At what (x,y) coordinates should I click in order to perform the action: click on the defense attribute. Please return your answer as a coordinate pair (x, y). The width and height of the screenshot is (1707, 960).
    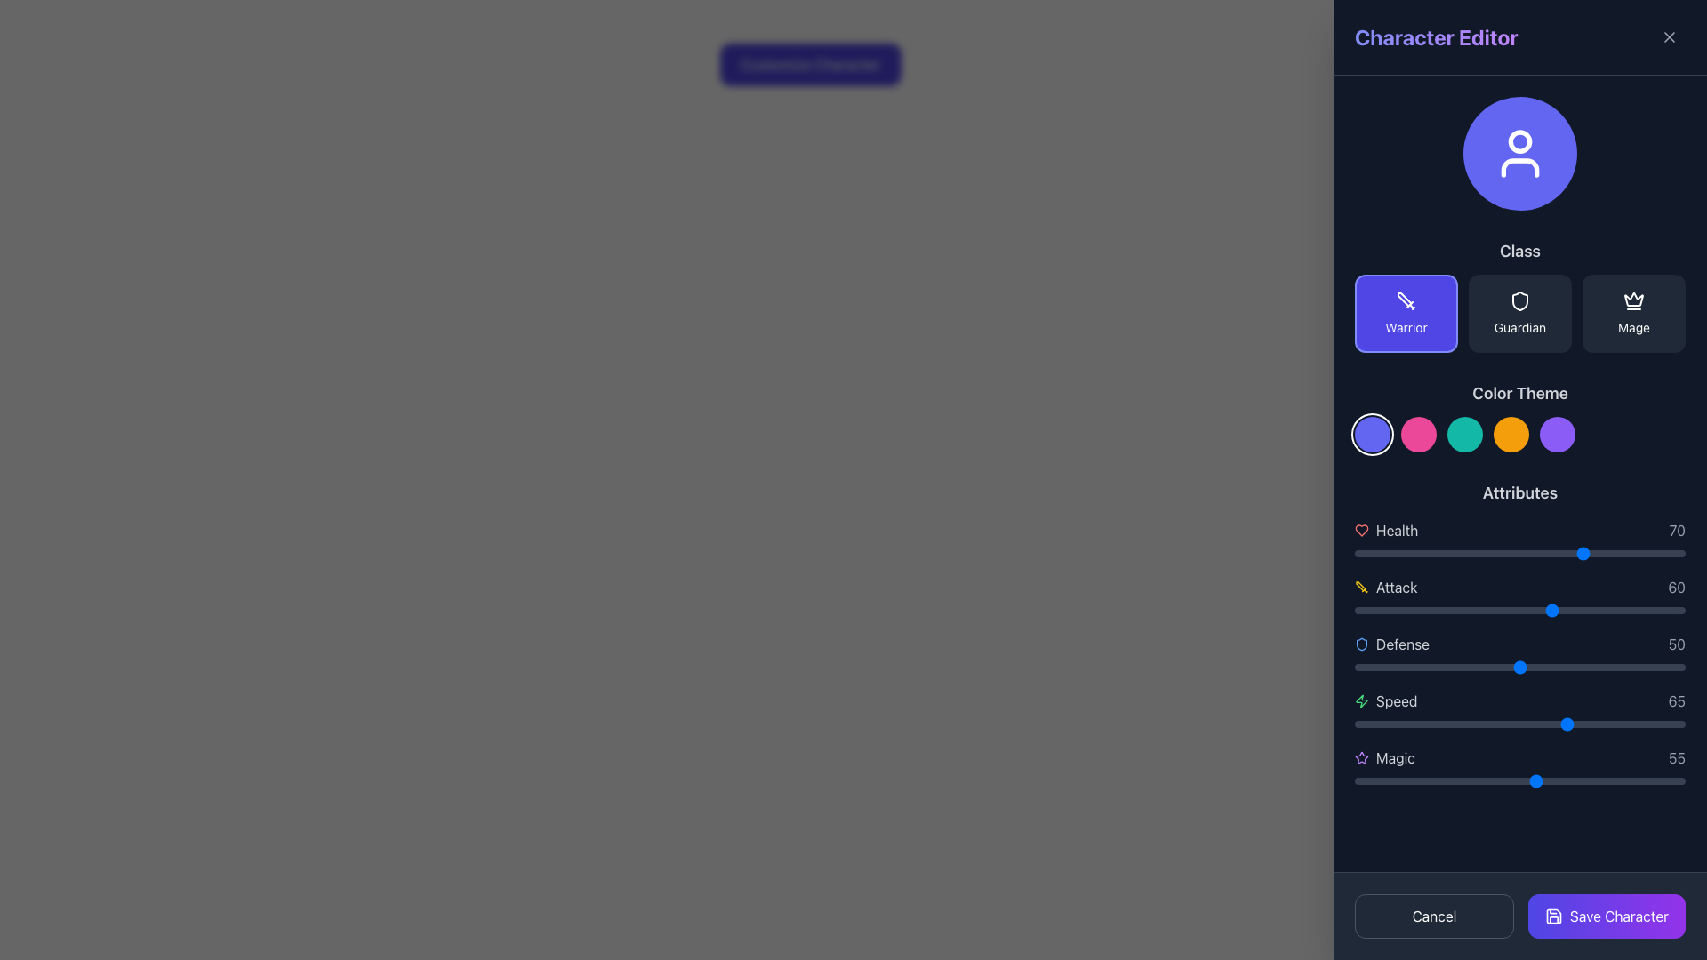
    Looking at the image, I should click on (1519, 668).